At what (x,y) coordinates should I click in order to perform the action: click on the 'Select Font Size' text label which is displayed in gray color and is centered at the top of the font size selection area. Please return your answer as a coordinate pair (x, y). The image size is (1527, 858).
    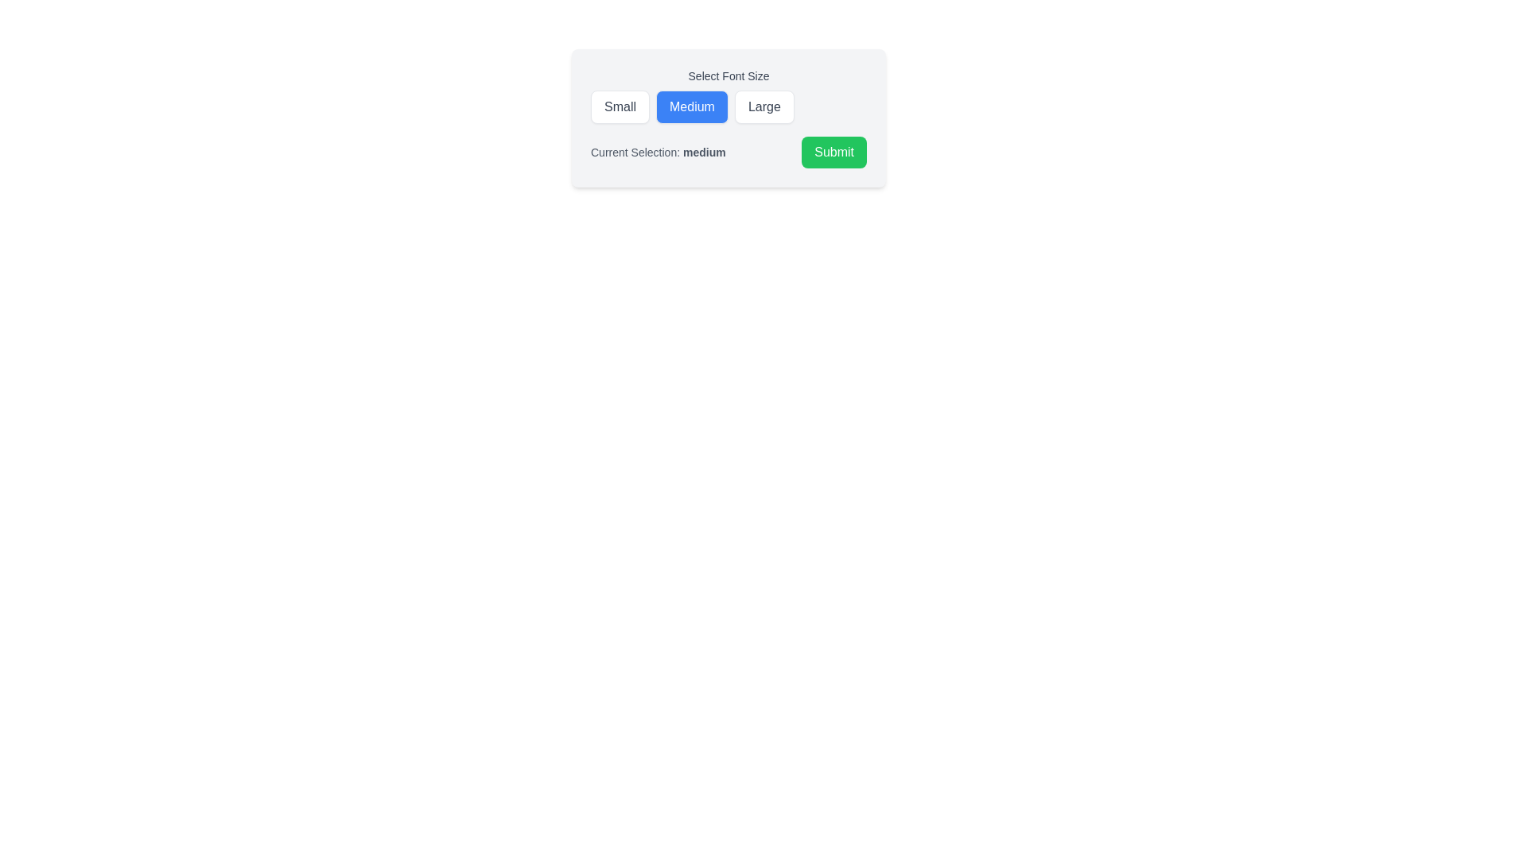
    Looking at the image, I should click on (728, 76).